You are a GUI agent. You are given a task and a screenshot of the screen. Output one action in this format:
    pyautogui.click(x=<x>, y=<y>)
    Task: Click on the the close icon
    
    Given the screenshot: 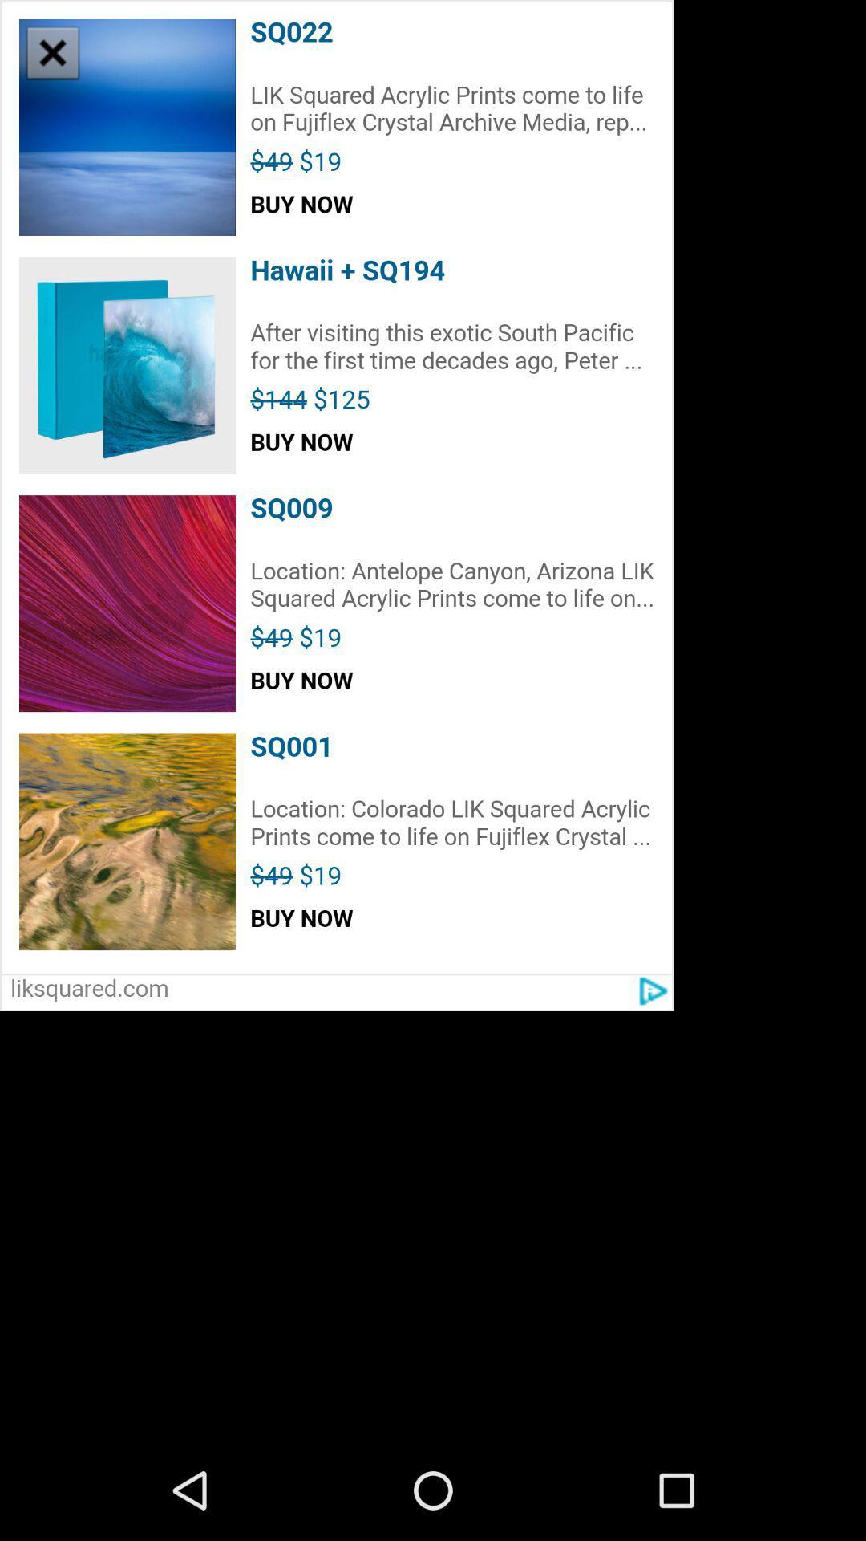 What is the action you would take?
    pyautogui.click(x=51, y=56)
    